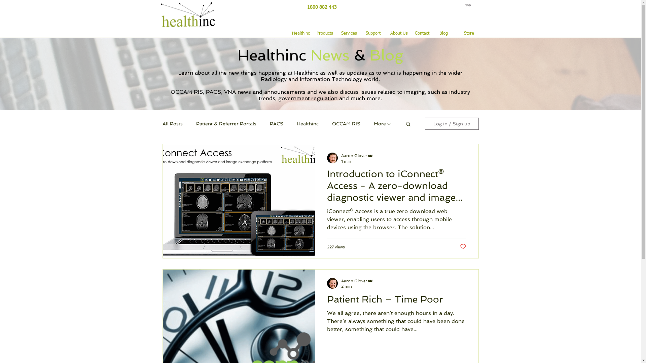 The height and width of the screenshot is (363, 646). I want to click on 'Products', so click(313, 30).